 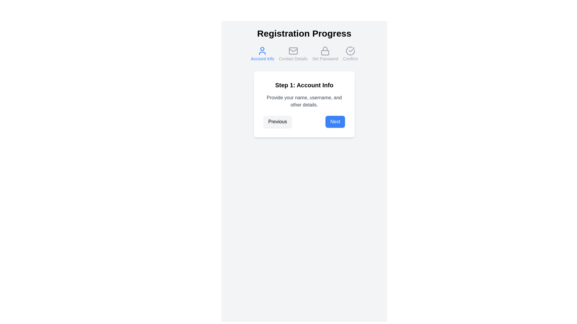 What do you see at coordinates (293, 50) in the screenshot?
I see `the 'Contact Details' icon` at bounding box center [293, 50].